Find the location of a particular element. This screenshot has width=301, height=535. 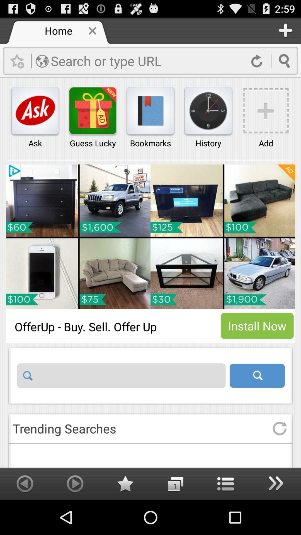

the refresh icon is located at coordinates (280, 459).